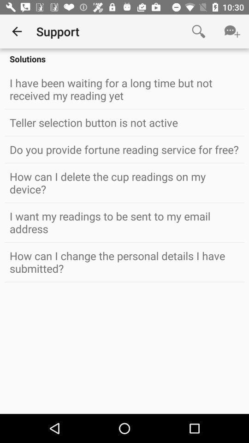 Image resolution: width=249 pixels, height=443 pixels. Describe the element at coordinates (198, 31) in the screenshot. I see `the app next to the support` at that location.